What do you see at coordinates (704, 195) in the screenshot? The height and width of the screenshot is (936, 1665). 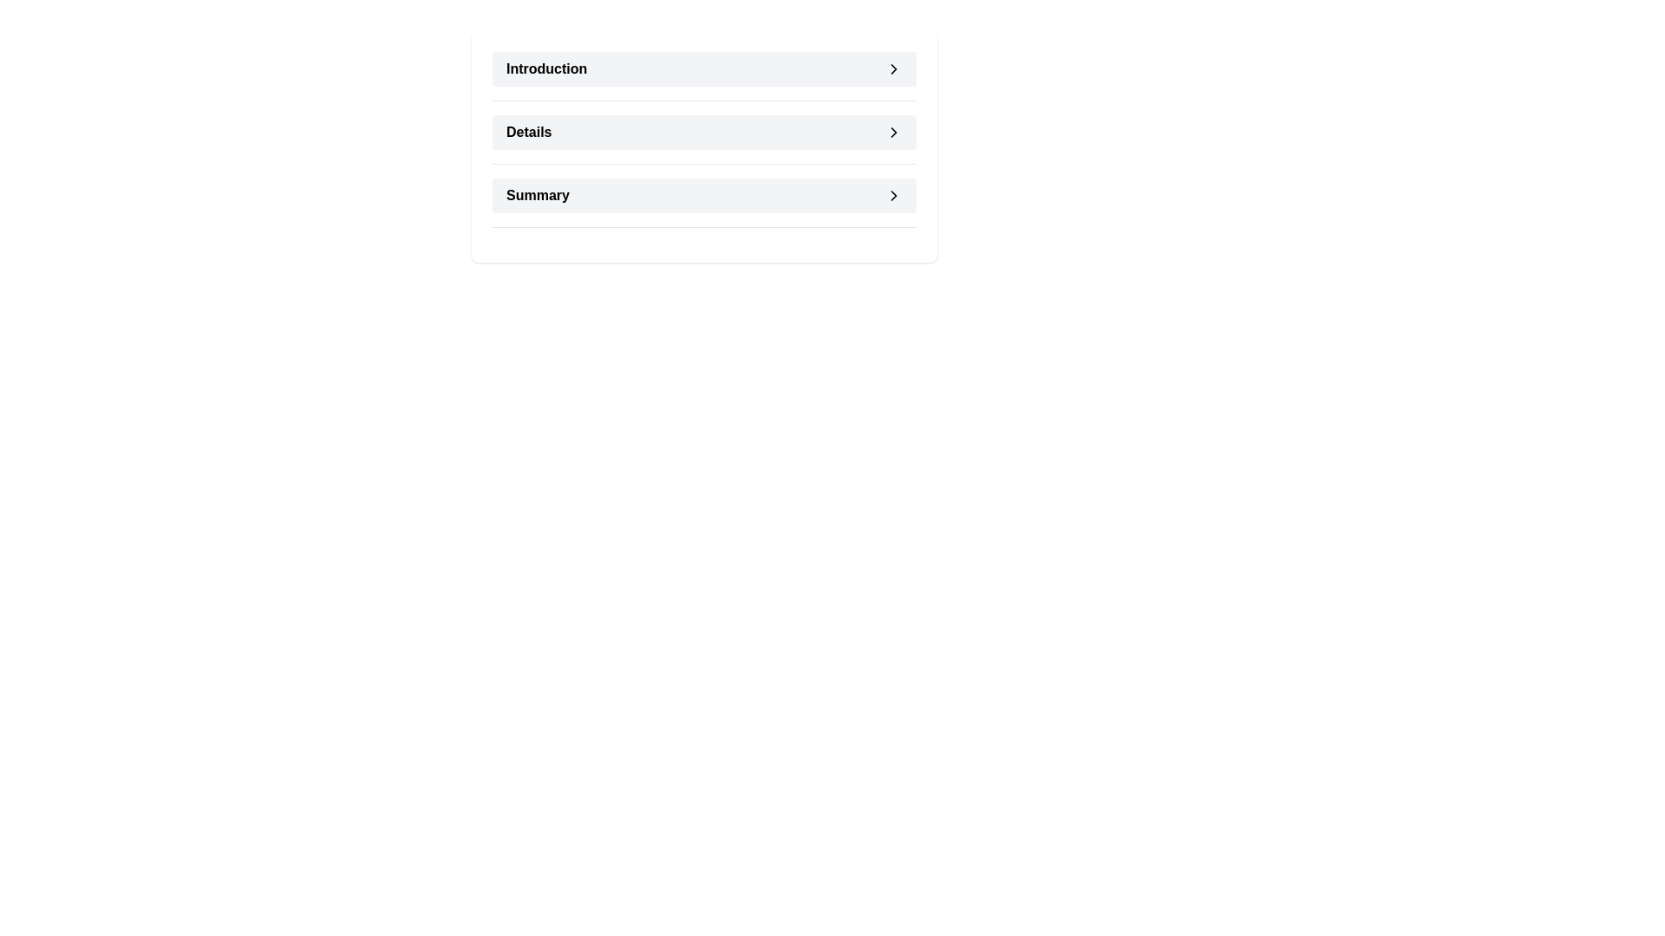 I see `the interactive button that navigates to or expands more details related to the 'Summary' section, located at the bottom of a vertically stacked list` at bounding box center [704, 195].